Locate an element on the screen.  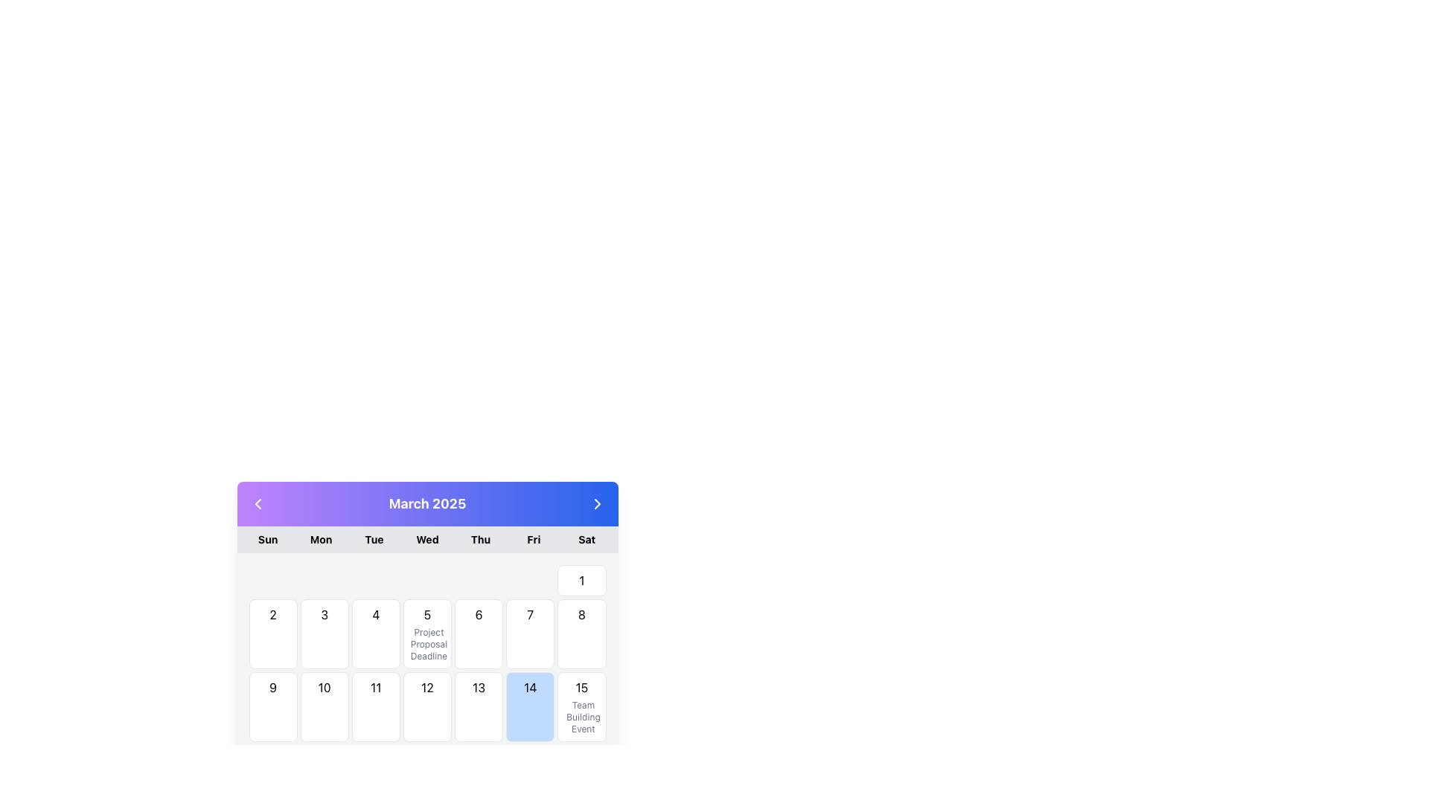
the button representing the 13th day of March 2025 in the calendar interface is located at coordinates (479, 706).